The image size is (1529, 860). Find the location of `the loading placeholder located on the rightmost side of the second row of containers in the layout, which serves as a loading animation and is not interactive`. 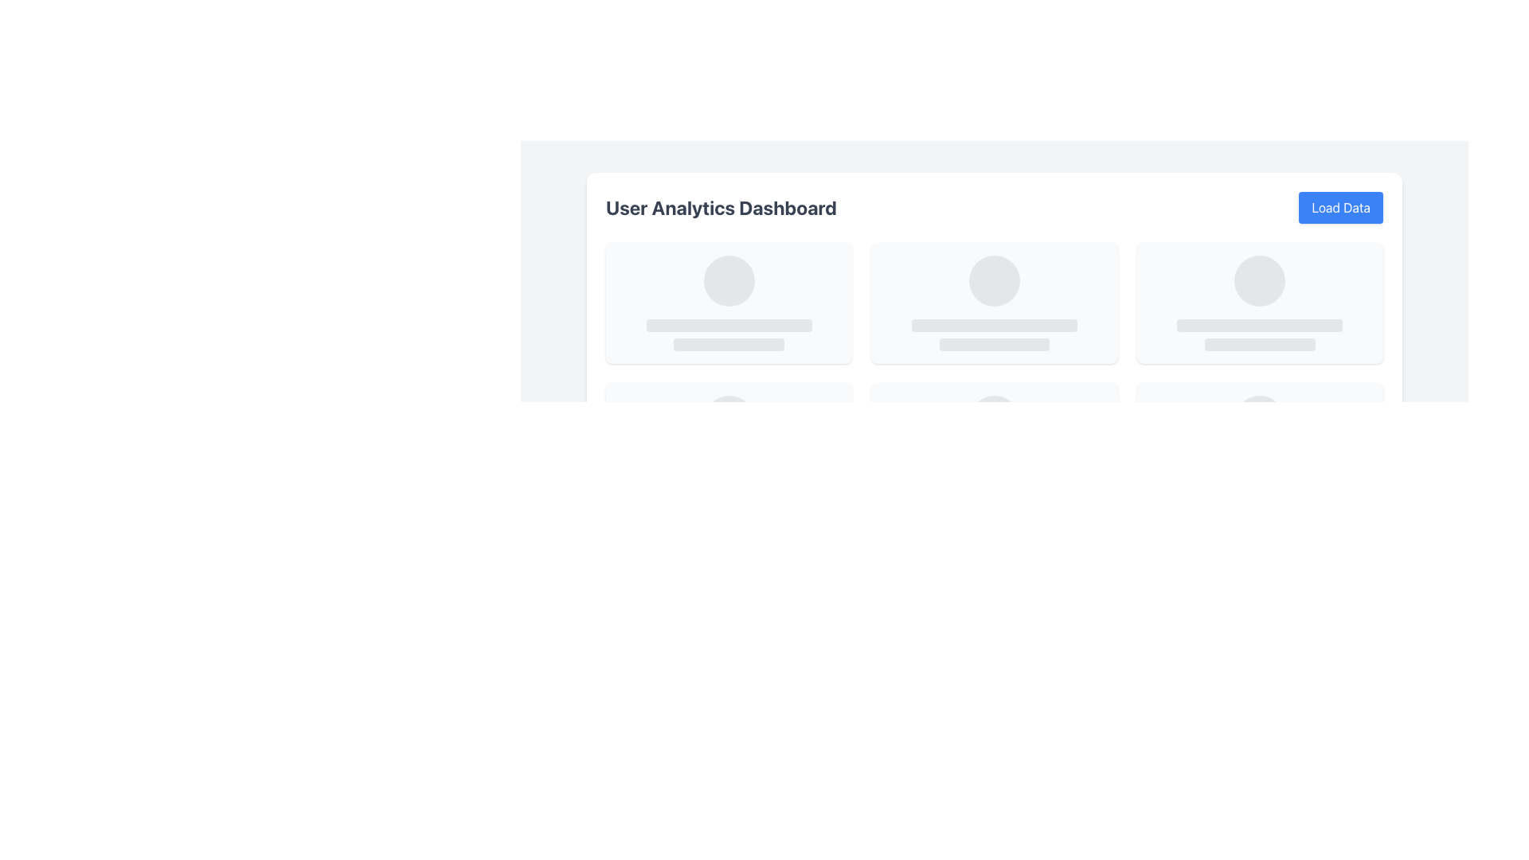

the loading placeholder located on the rightmost side of the second row of containers in the layout, which serves as a loading animation and is not interactive is located at coordinates (1259, 303).